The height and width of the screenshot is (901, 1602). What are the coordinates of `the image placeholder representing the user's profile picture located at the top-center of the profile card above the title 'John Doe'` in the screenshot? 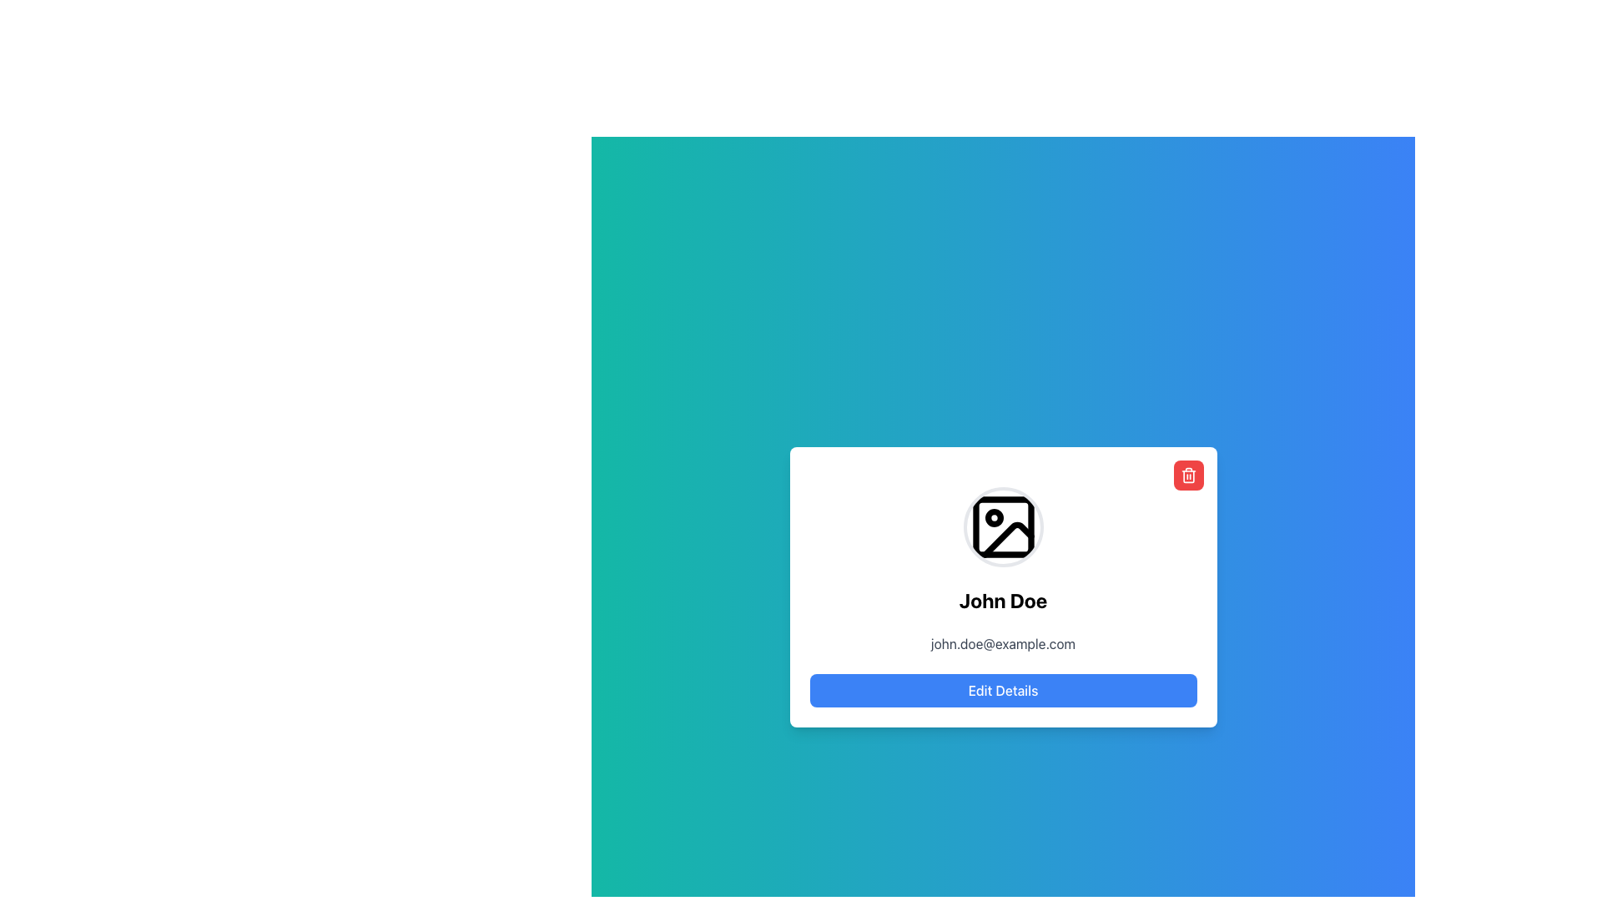 It's located at (1002, 527).